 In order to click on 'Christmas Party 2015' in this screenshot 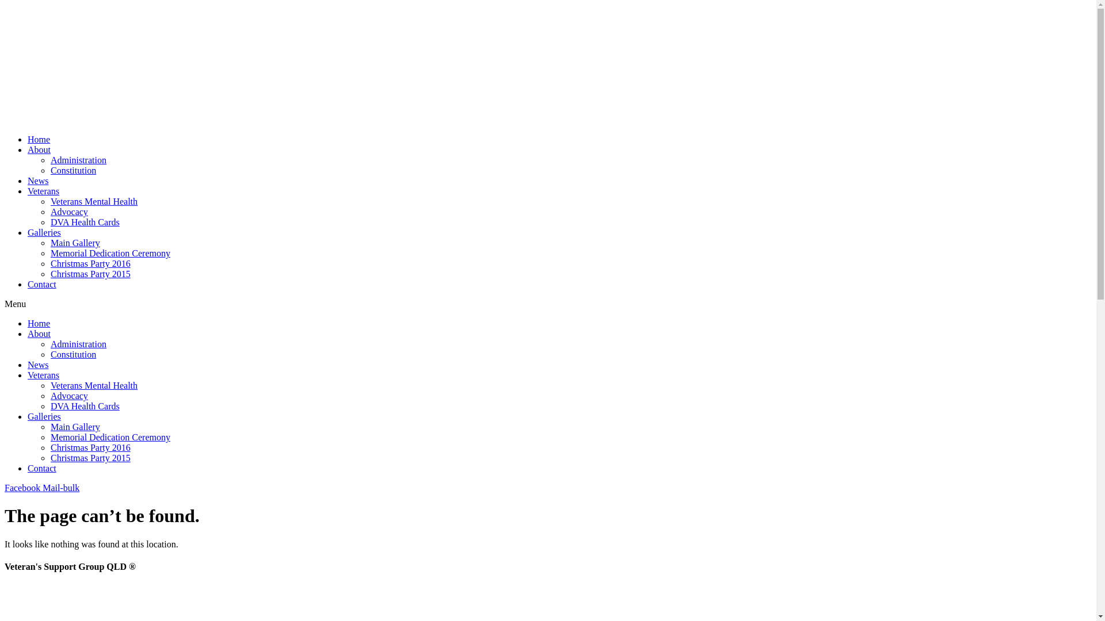, I will do `click(90, 274)`.